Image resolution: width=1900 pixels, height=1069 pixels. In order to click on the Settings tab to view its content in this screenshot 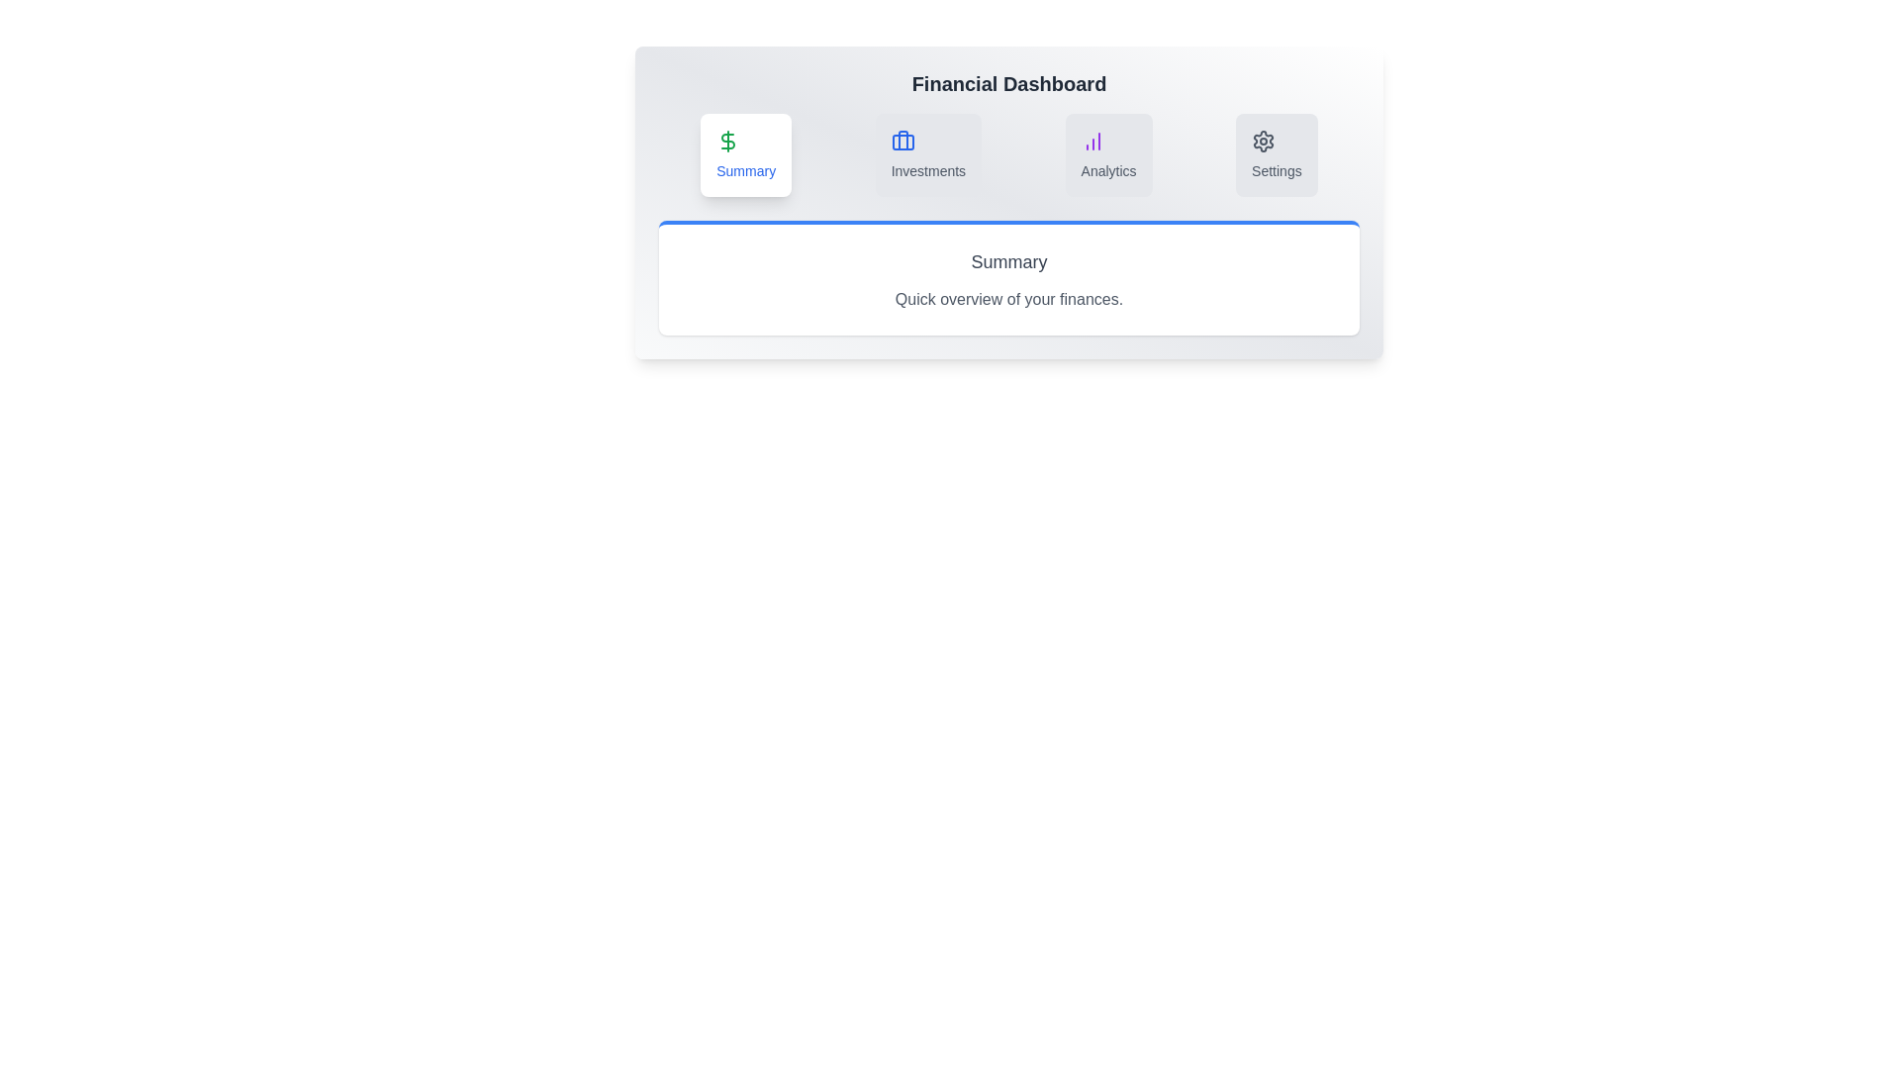, I will do `click(1277, 154)`.